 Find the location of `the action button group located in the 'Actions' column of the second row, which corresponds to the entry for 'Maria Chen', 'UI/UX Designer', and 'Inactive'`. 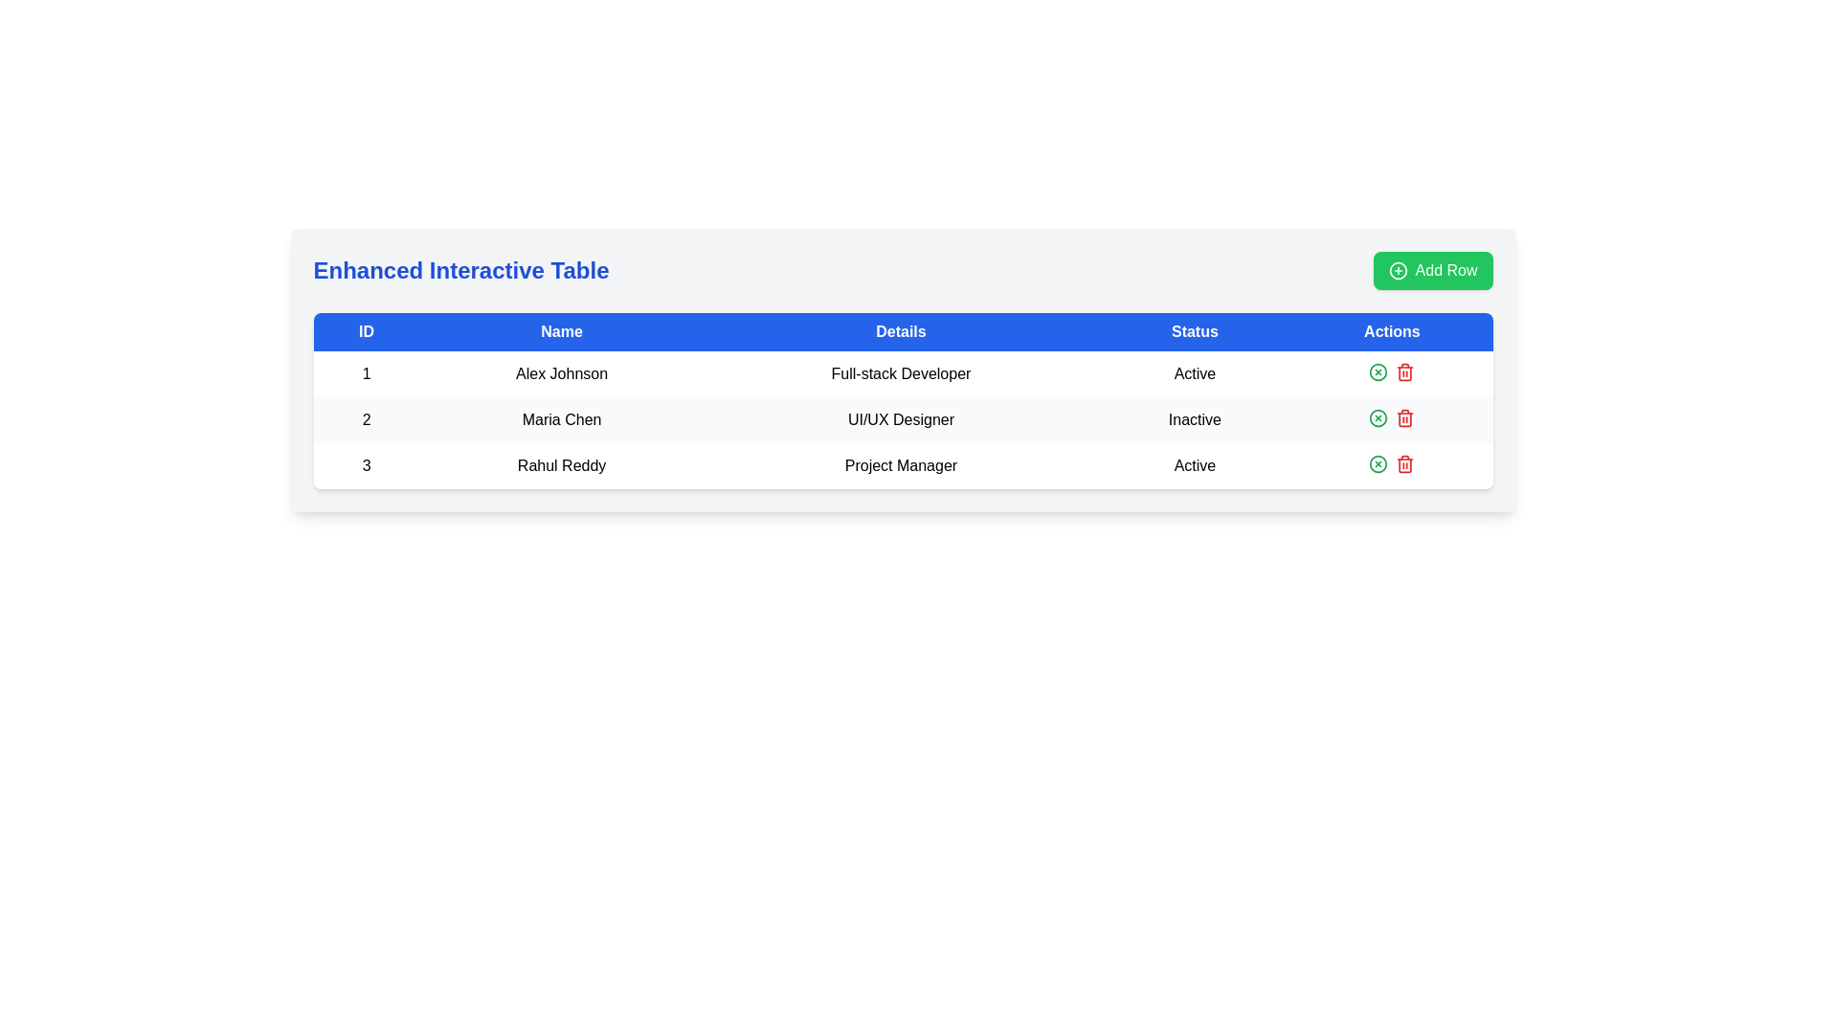

the action button group located in the 'Actions' column of the second row, which corresponds to the entry for 'Maria Chen', 'UI/UX Designer', and 'Inactive' is located at coordinates (1392, 416).